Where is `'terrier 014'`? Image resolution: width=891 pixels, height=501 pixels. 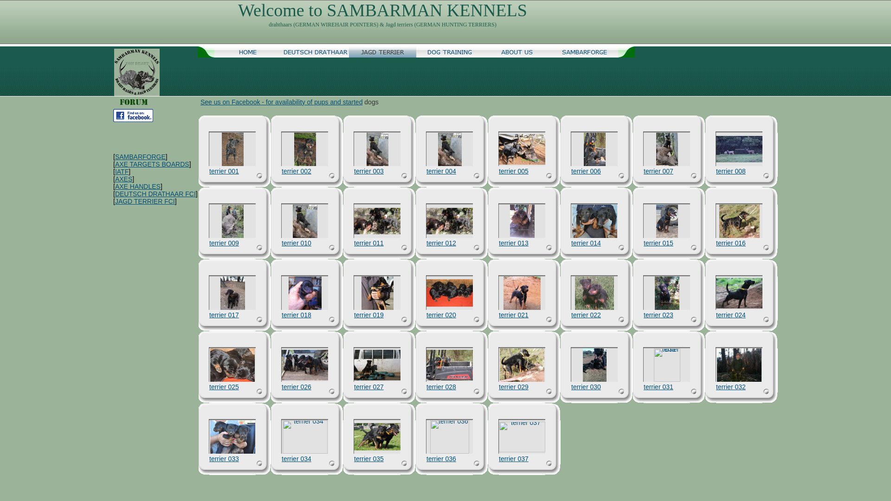
'terrier 014' is located at coordinates (594, 221).